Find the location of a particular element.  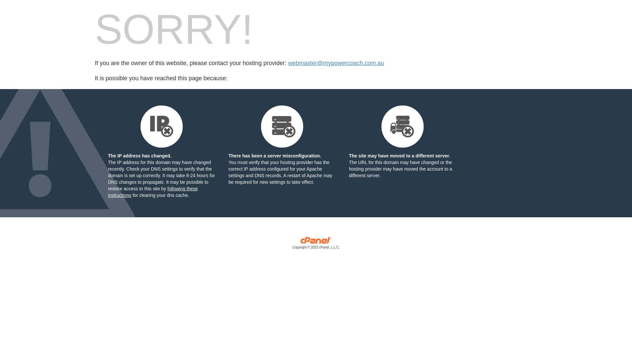

'webmaster@mypowercoach.com.au' is located at coordinates (336, 63).